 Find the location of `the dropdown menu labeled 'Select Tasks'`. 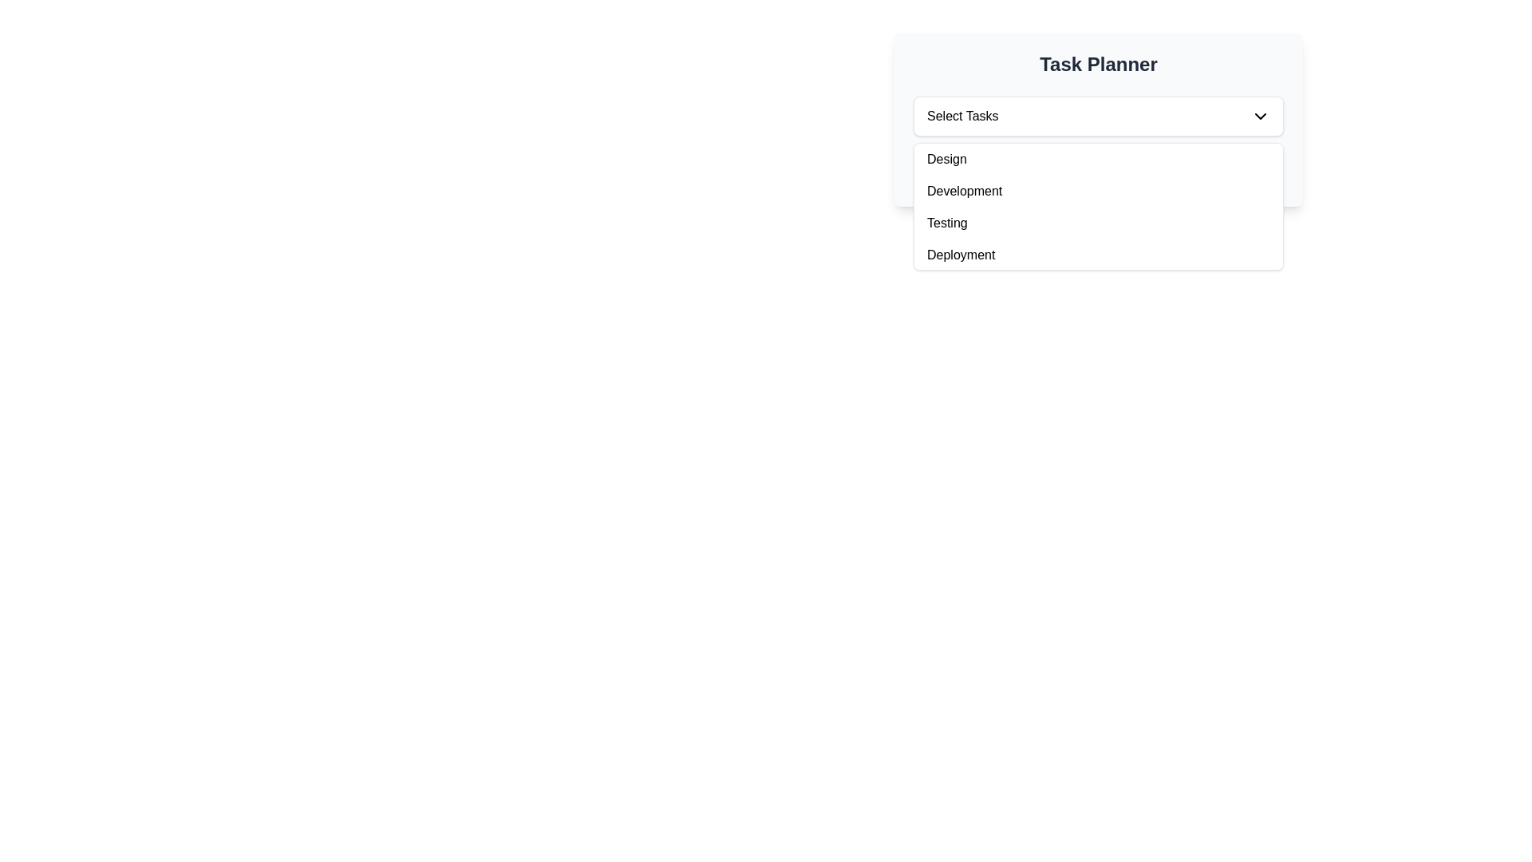

the dropdown menu labeled 'Select Tasks' is located at coordinates (1098, 116).